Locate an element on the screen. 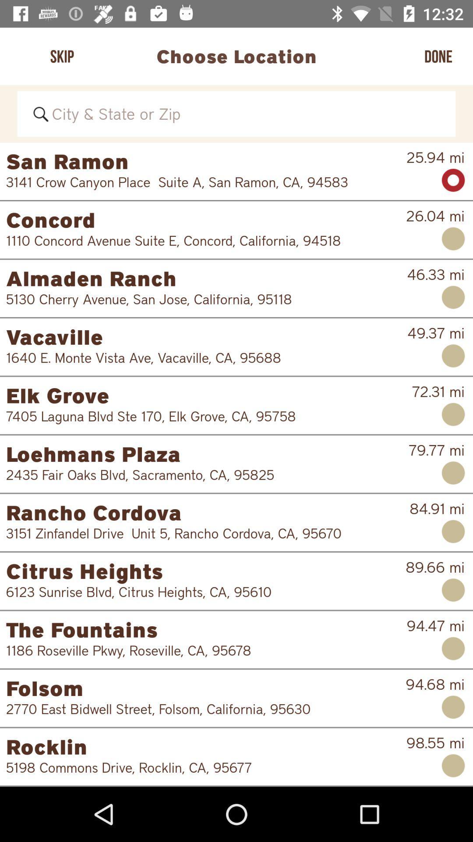  item to the right of loehmans plaza item is located at coordinates (437, 450).